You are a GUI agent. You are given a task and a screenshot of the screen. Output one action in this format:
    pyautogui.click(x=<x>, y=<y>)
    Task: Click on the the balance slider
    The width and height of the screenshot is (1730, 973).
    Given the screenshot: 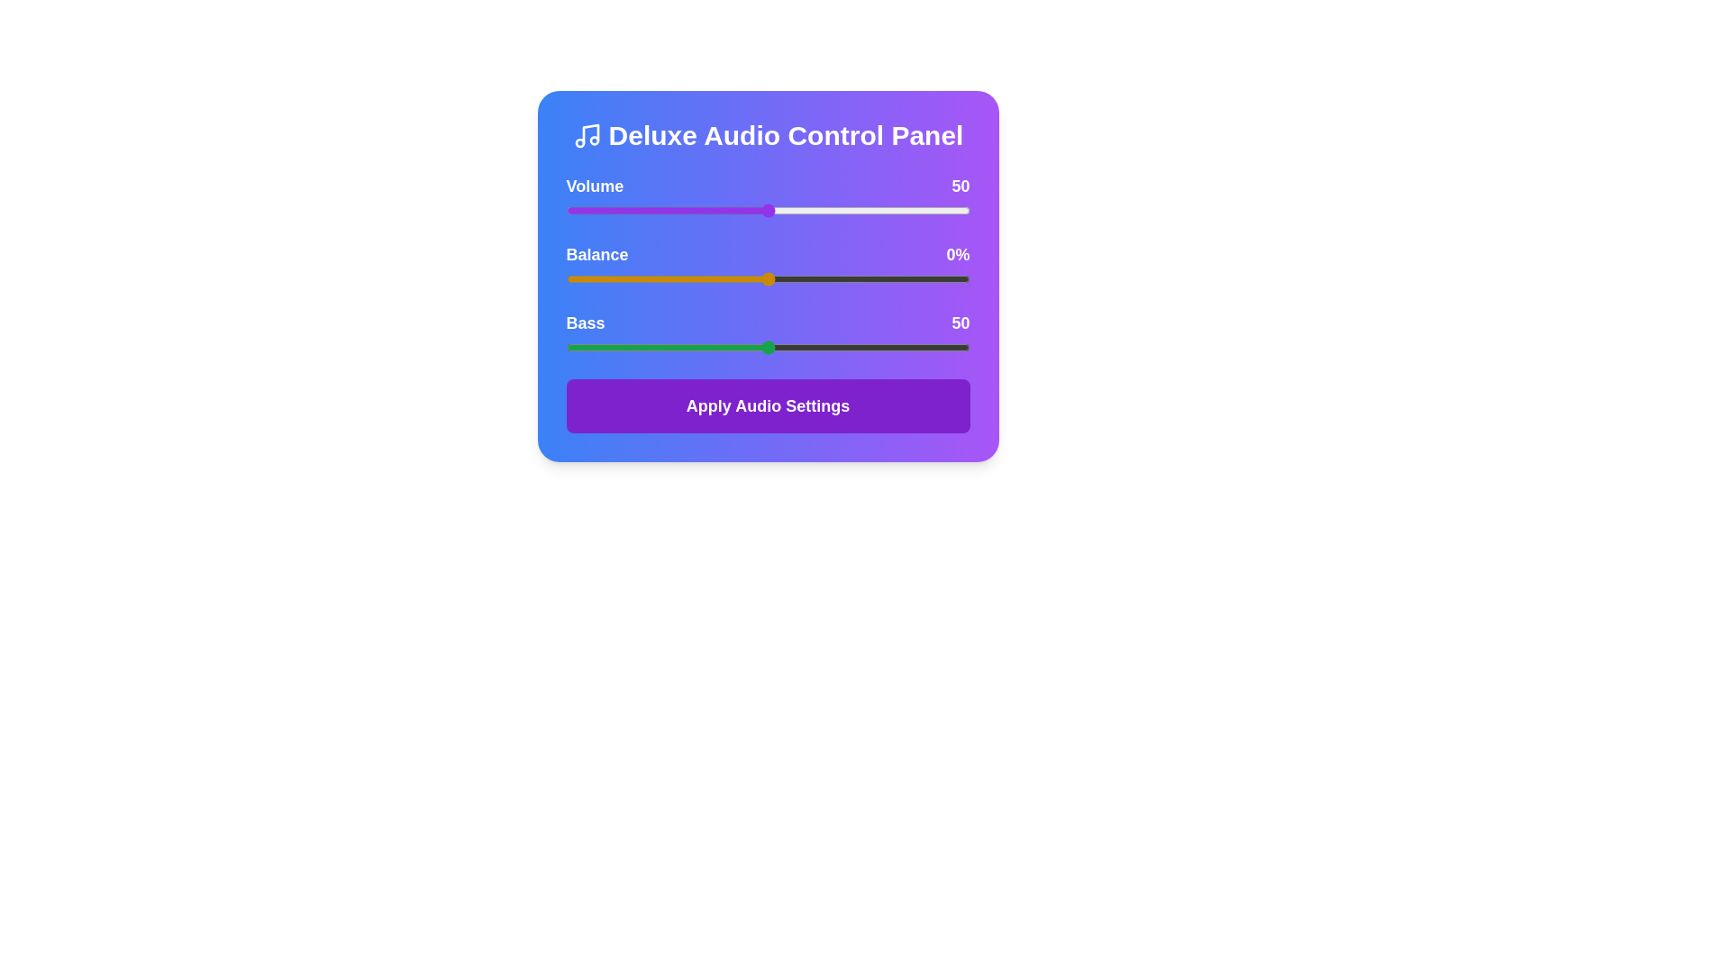 What is the action you would take?
    pyautogui.click(x=569, y=278)
    